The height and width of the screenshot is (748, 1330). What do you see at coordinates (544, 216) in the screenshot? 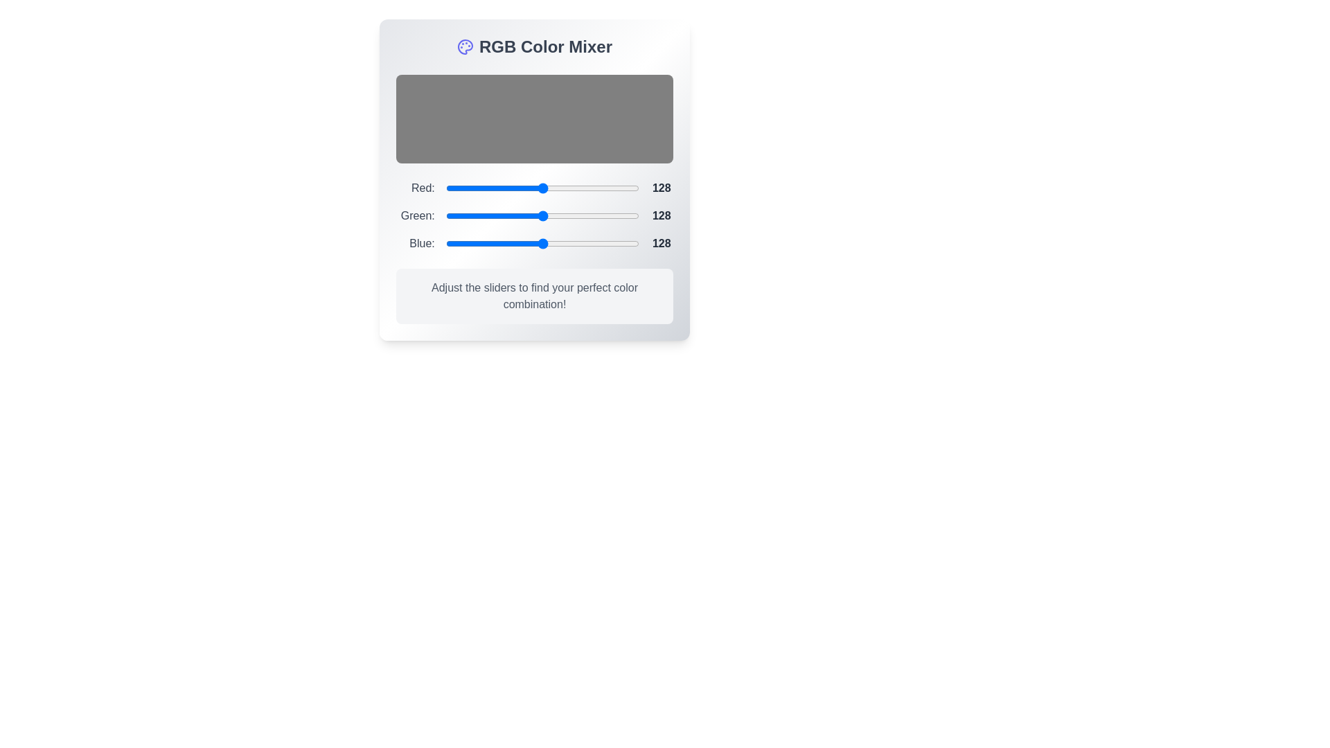
I see `the 1 slider to 132` at bounding box center [544, 216].